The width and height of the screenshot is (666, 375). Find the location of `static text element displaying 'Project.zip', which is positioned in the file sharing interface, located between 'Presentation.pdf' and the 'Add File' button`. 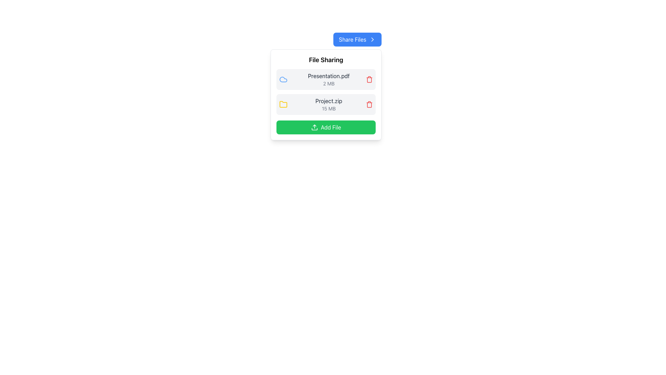

static text element displaying 'Project.zip', which is positioned in the file sharing interface, located between 'Presentation.pdf' and the 'Add File' button is located at coordinates (328, 101).